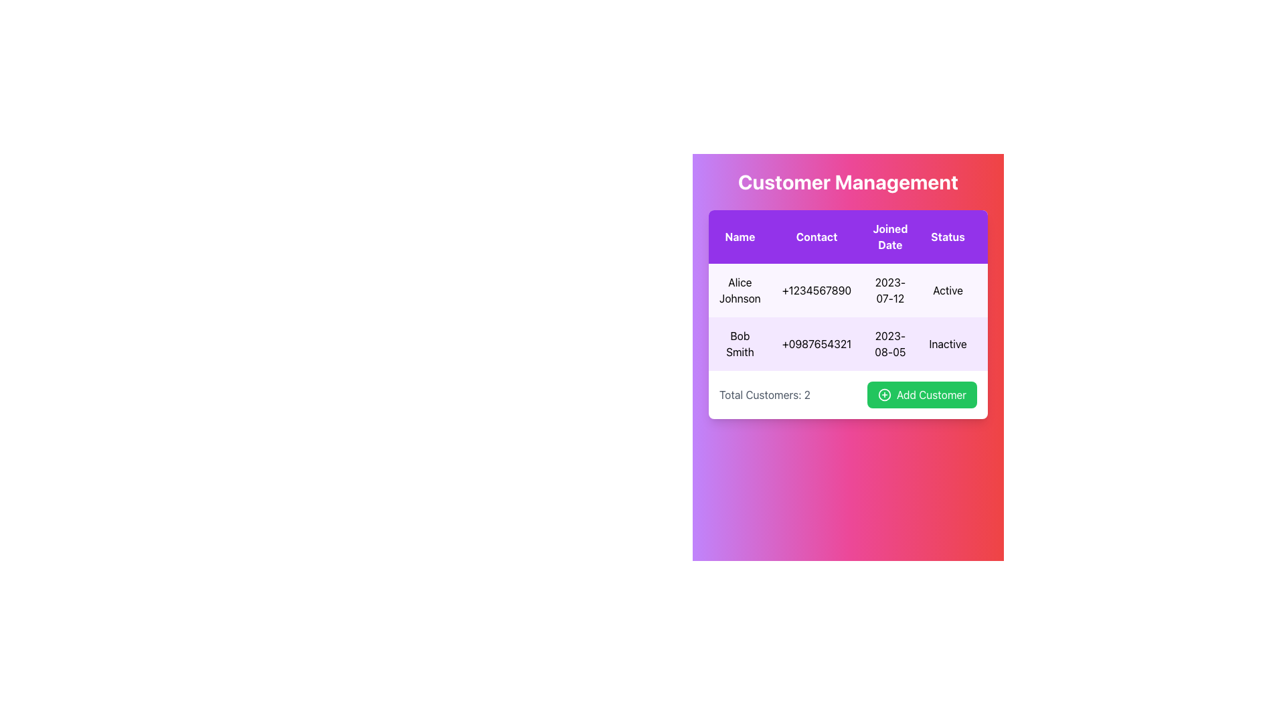 The image size is (1285, 723). Describe the element at coordinates (947, 290) in the screenshot. I see `the Text label indicating the status of the first customer ('Alice Johnson') in the Customer Management table, which shows that they are active` at that location.